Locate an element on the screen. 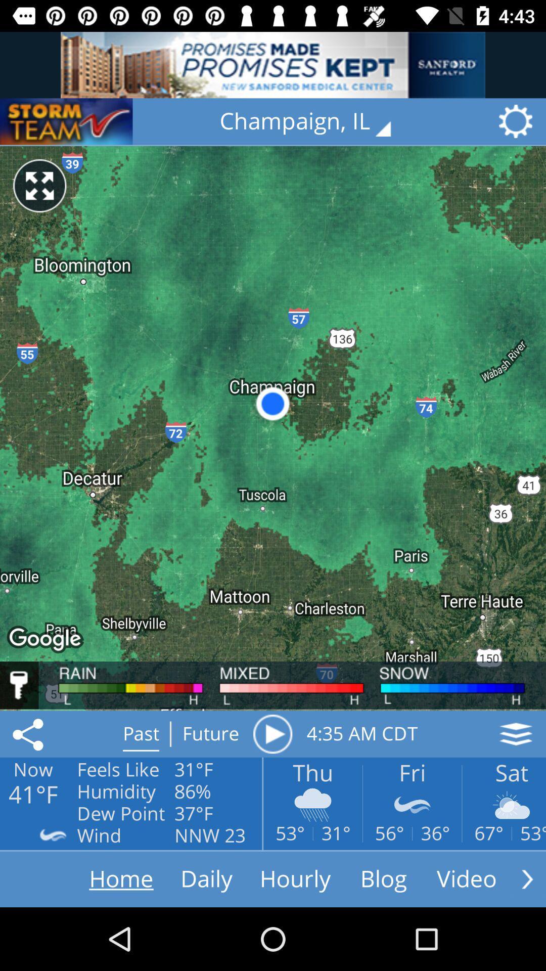 Image resolution: width=546 pixels, height=971 pixels. the arrow_forward icon is located at coordinates (527, 878).